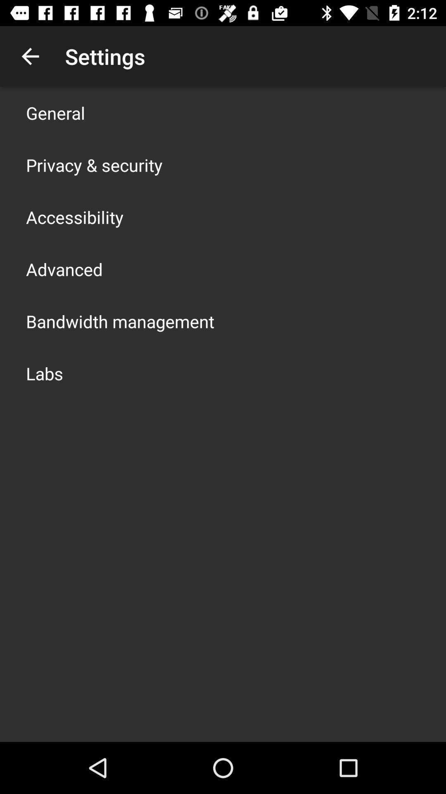 This screenshot has height=794, width=446. What do you see at coordinates (75, 217) in the screenshot?
I see `accessibility app` at bounding box center [75, 217].